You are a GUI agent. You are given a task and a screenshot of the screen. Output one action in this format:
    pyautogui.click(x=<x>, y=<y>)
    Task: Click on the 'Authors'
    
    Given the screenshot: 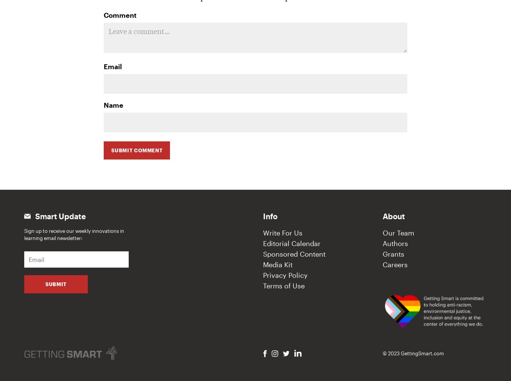 What is the action you would take?
    pyautogui.click(x=395, y=243)
    